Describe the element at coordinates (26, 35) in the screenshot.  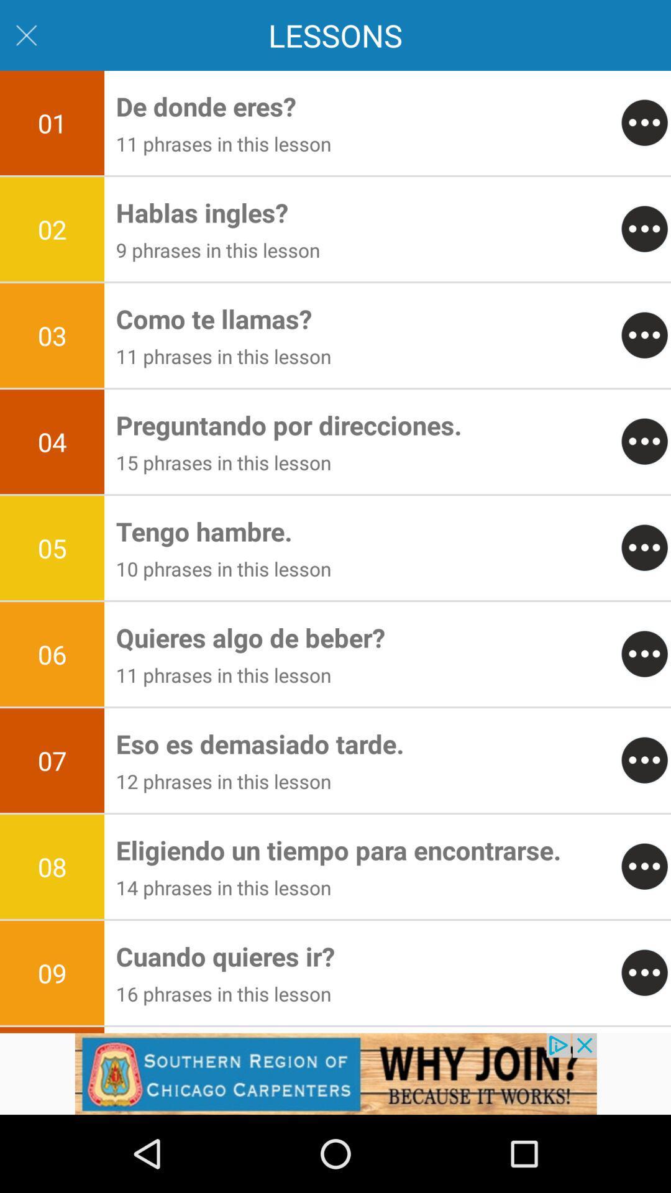
I see `close` at that location.